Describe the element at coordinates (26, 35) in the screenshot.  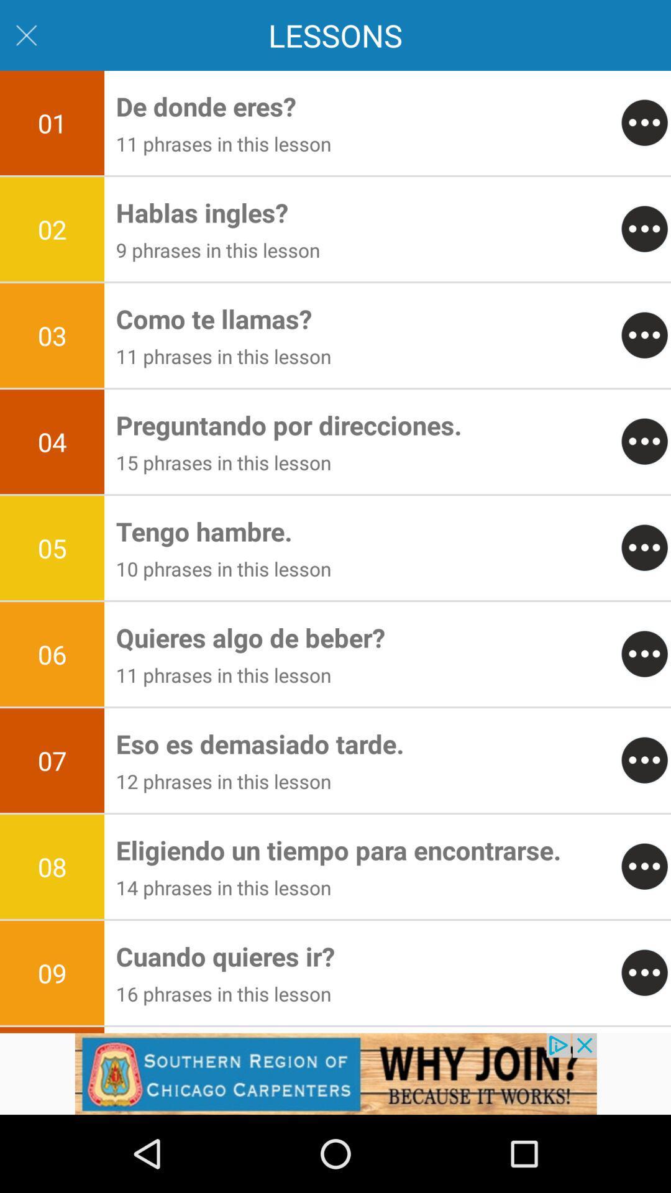
I see `close` at that location.